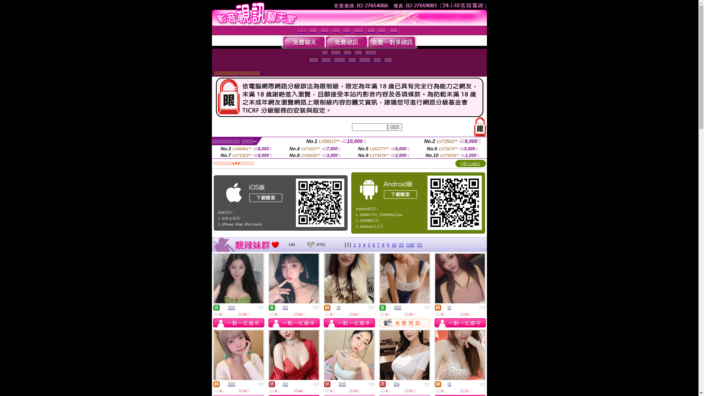 The width and height of the screenshot is (704, 396). Describe the element at coordinates (378, 245) in the screenshot. I see `'7'` at that location.